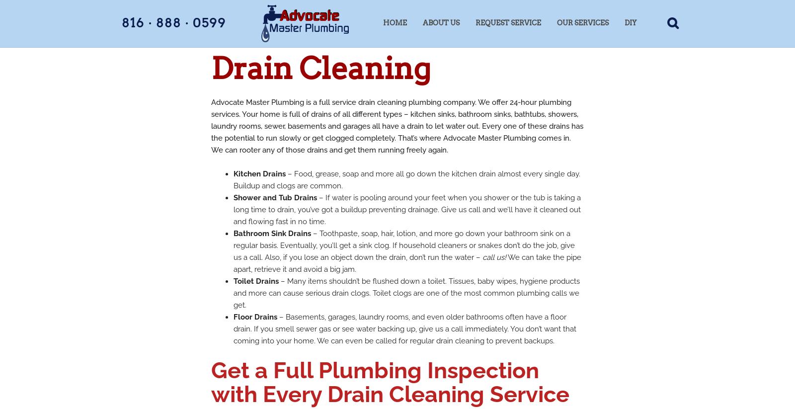 The image size is (795, 409). Describe the element at coordinates (275, 197) in the screenshot. I see `'Shower and Tub Drains'` at that location.